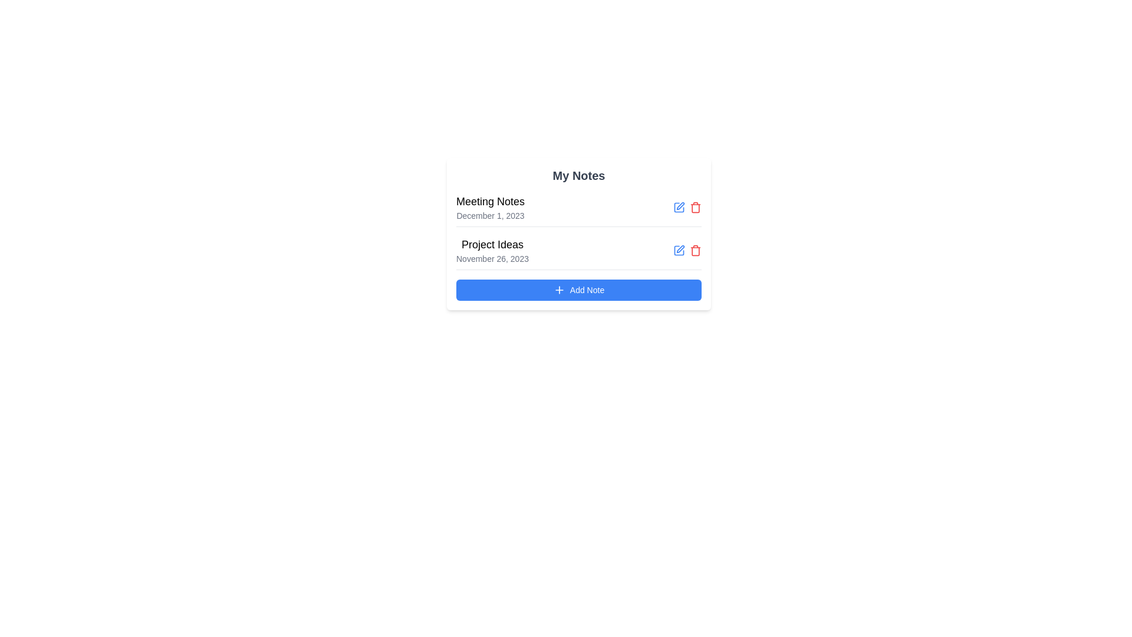 Image resolution: width=1132 pixels, height=637 pixels. Describe the element at coordinates (679, 206) in the screenshot. I see `the blue pen icon button located to the right of 'Meeting Notes' in the 'My Notes' section` at that location.